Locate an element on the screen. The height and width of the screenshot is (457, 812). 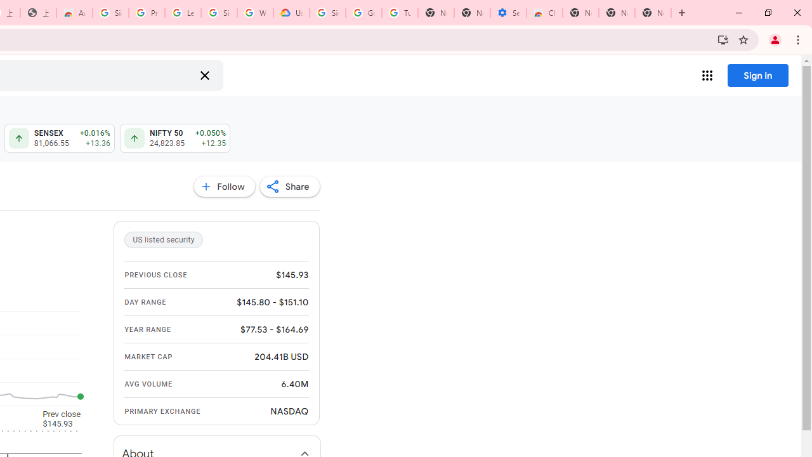
'Sign in - Google Accounts' is located at coordinates (110, 13).